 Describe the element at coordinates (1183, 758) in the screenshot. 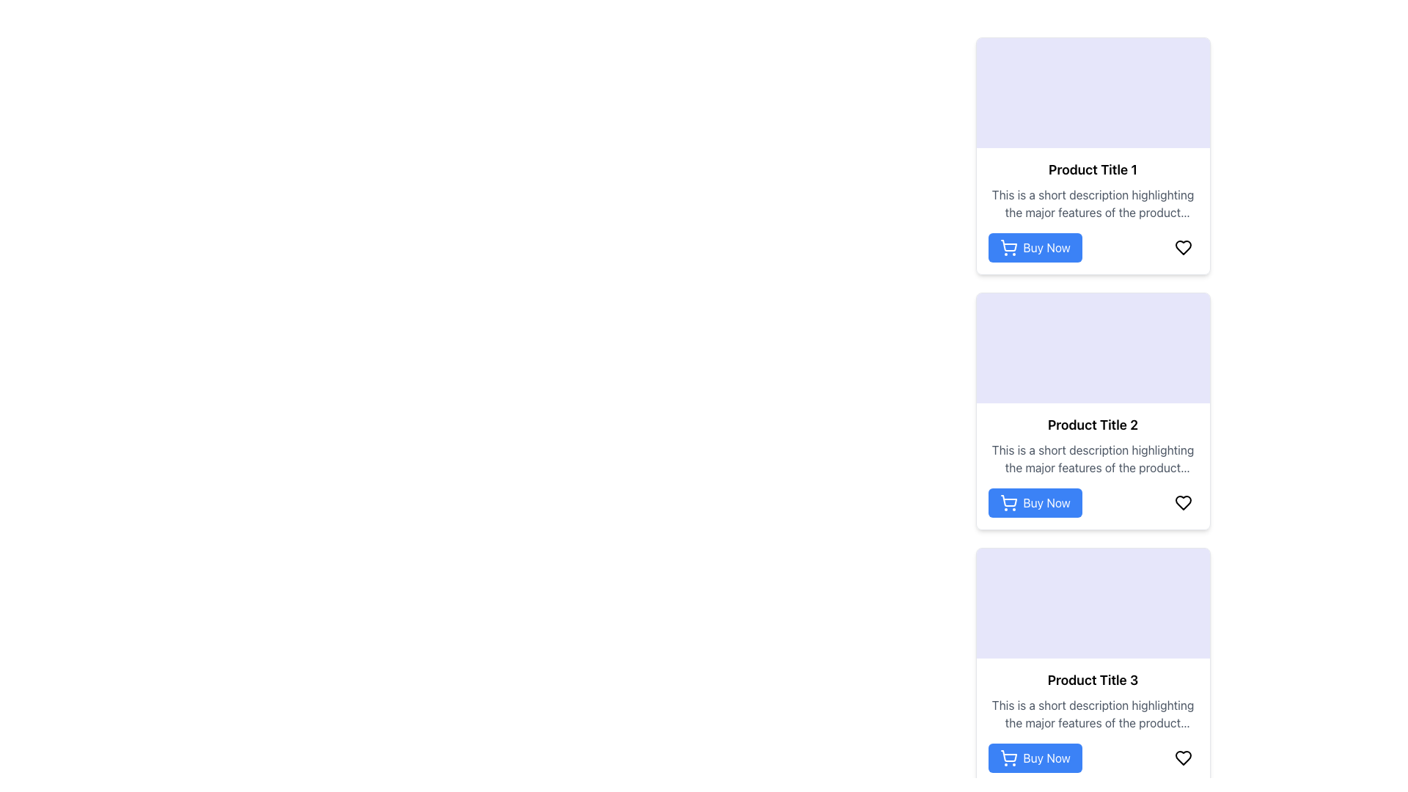

I see `the heart icon located at the bottom-right corner of the card labeled 'Product Title 3' to mark the product as a favorite` at that location.